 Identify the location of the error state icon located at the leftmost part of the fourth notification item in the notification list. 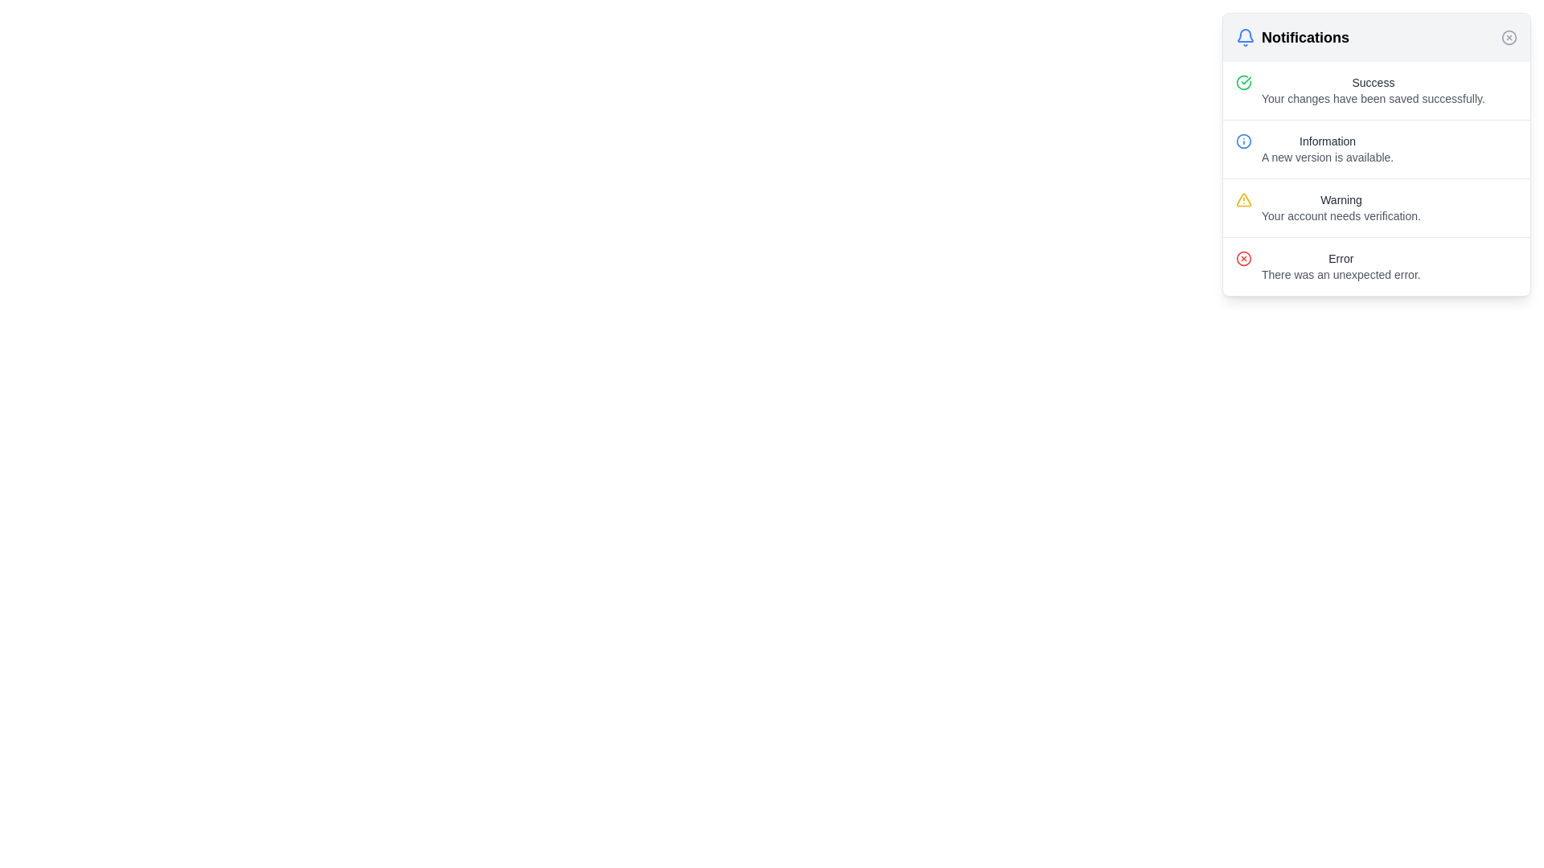
(1242, 257).